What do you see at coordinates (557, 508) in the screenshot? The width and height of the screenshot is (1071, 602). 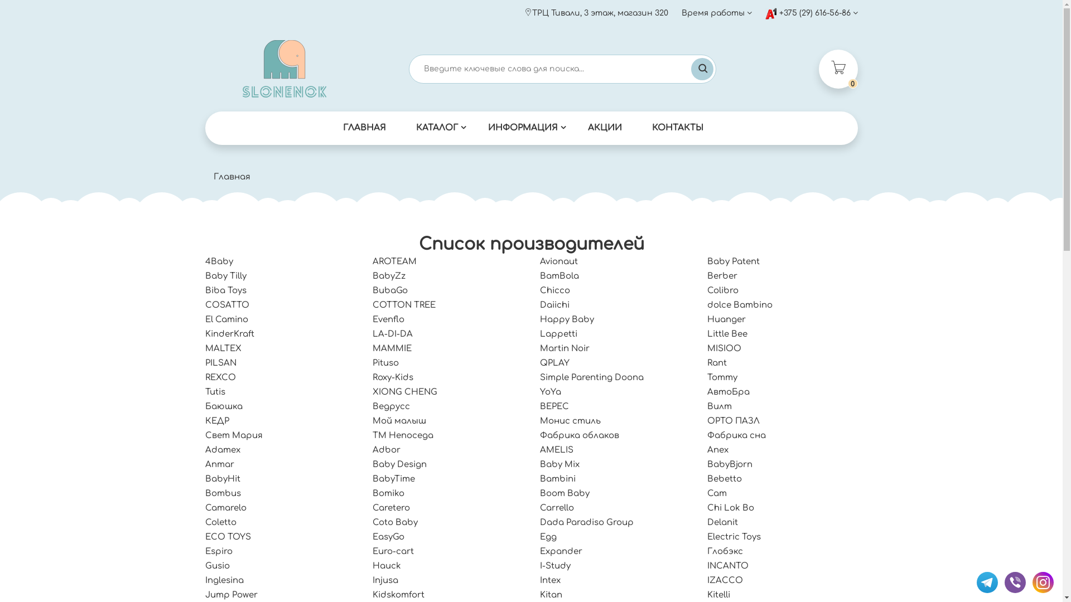 I see `'Carrello'` at bounding box center [557, 508].